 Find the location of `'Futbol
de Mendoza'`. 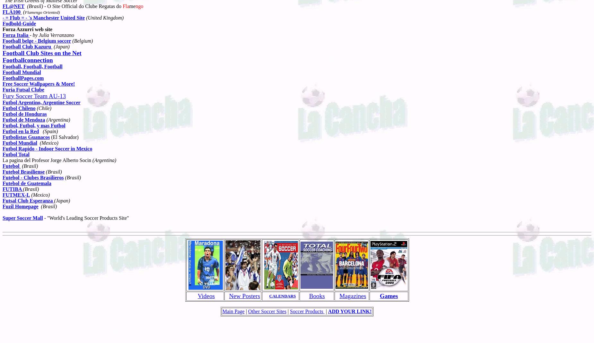

'Futbol
de Mendoza' is located at coordinates (23, 119).